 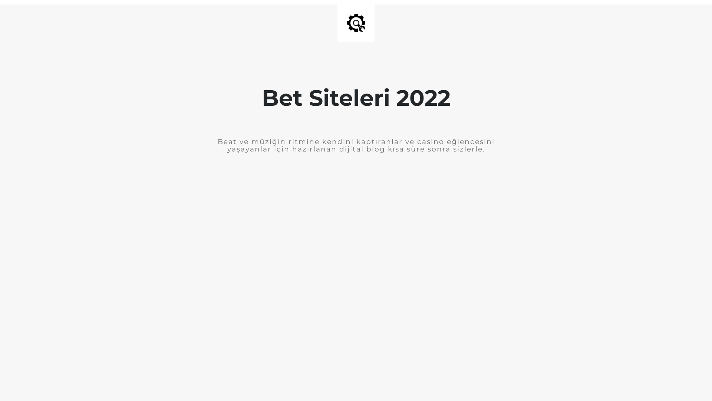 I want to click on 'Site is Under Construction', so click(x=346, y=22).